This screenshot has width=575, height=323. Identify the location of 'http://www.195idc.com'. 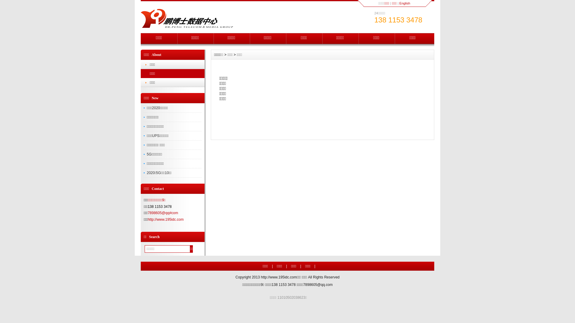
(165, 219).